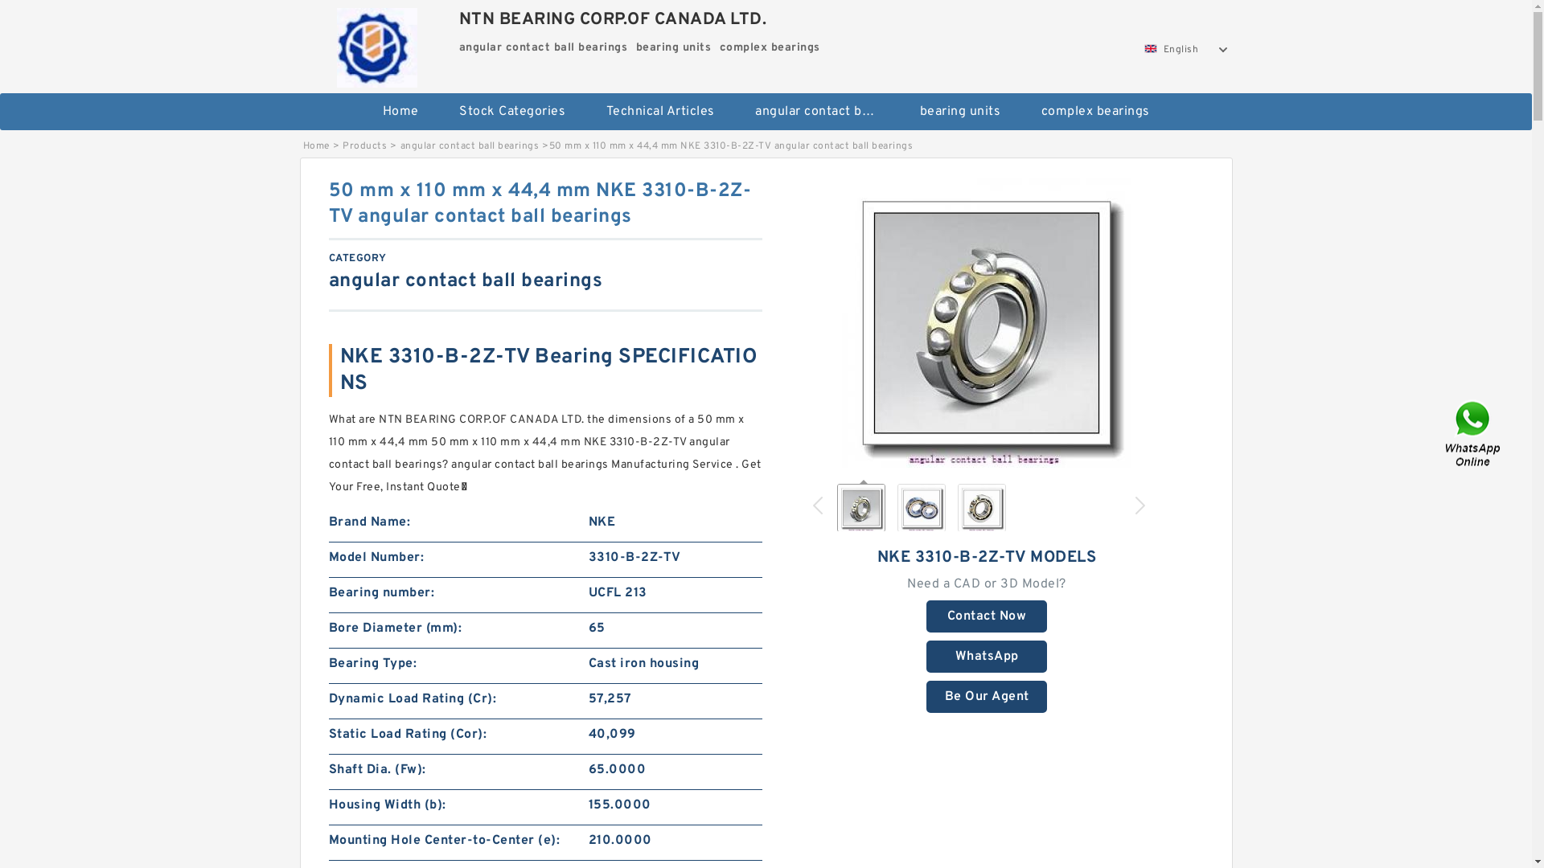 The image size is (1544, 868). Describe the element at coordinates (315, 145) in the screenshot. I see `'Home'` at that location.